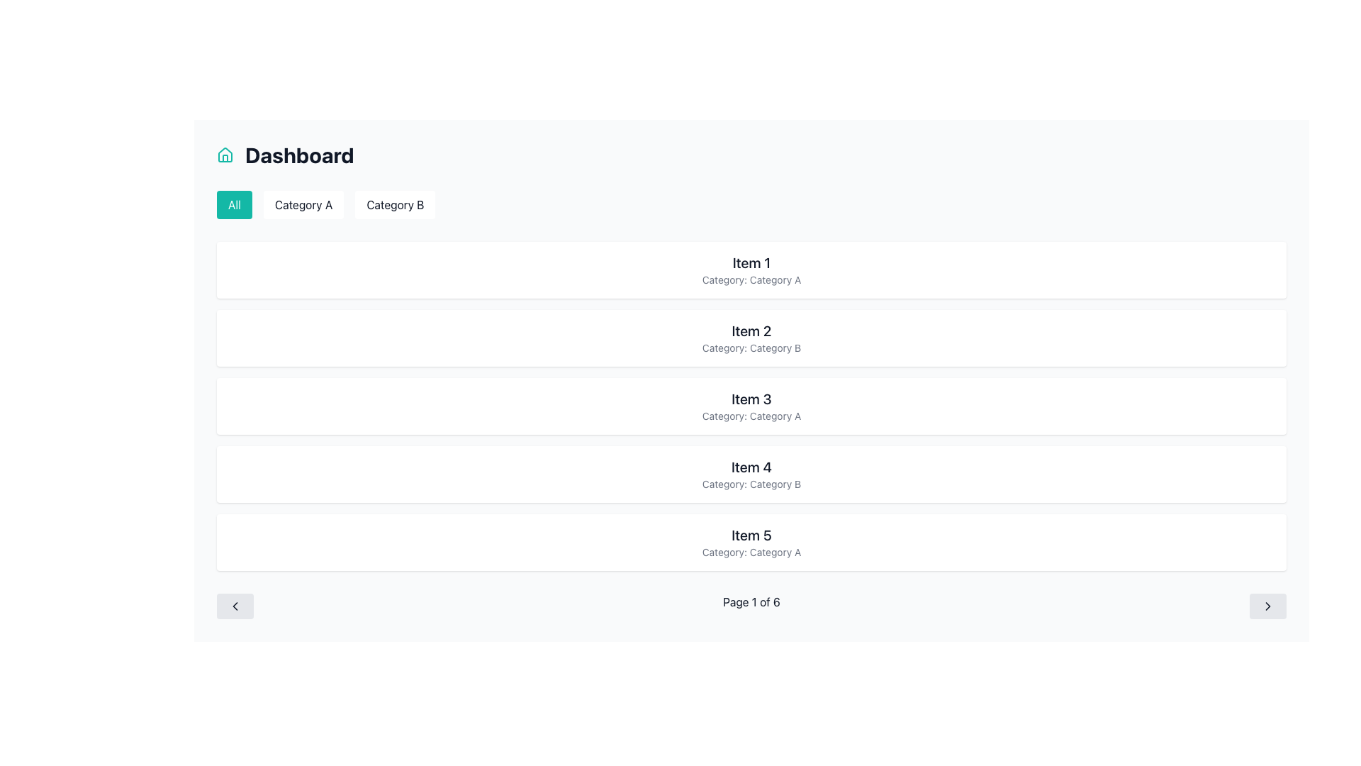 This screenshot has height=766, width=1361. What do you see at coordinates (224, 155) in the screenshot?
I see `the teal triangular roof section of the house icon located at the top-left corner of the dashboard header` at bounding box center [224, 155].